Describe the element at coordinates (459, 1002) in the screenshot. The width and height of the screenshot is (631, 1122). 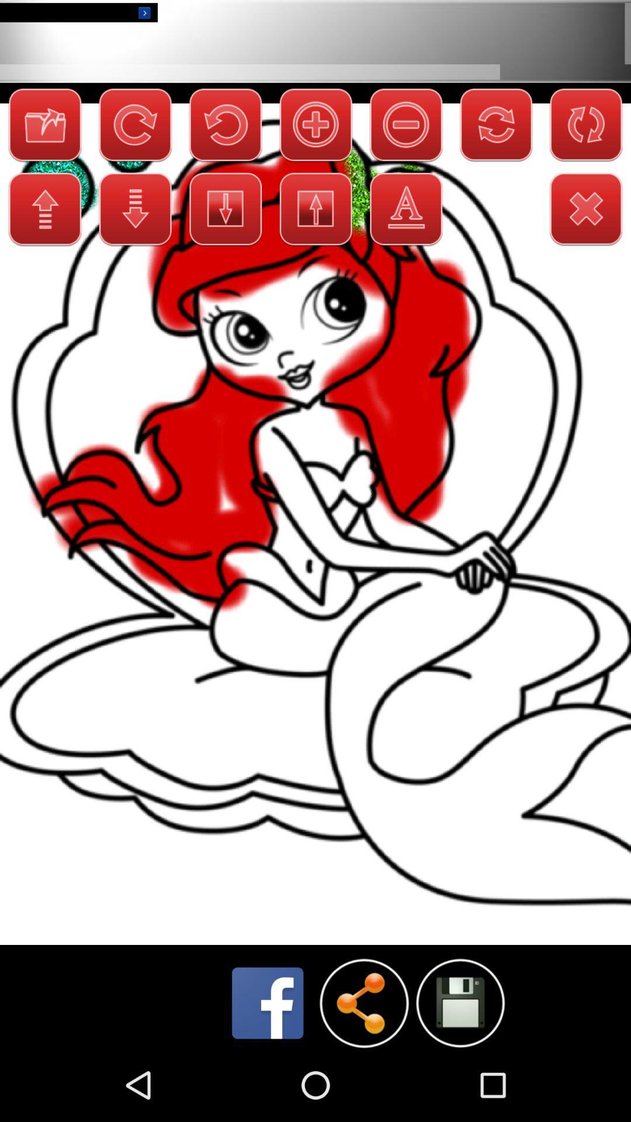
I see `save` at that location.